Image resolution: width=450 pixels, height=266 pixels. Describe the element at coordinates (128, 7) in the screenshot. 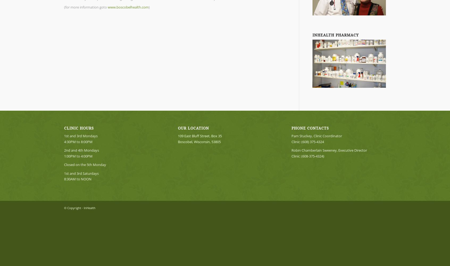

I see `'www.boscobelhealth.com'` at that location.